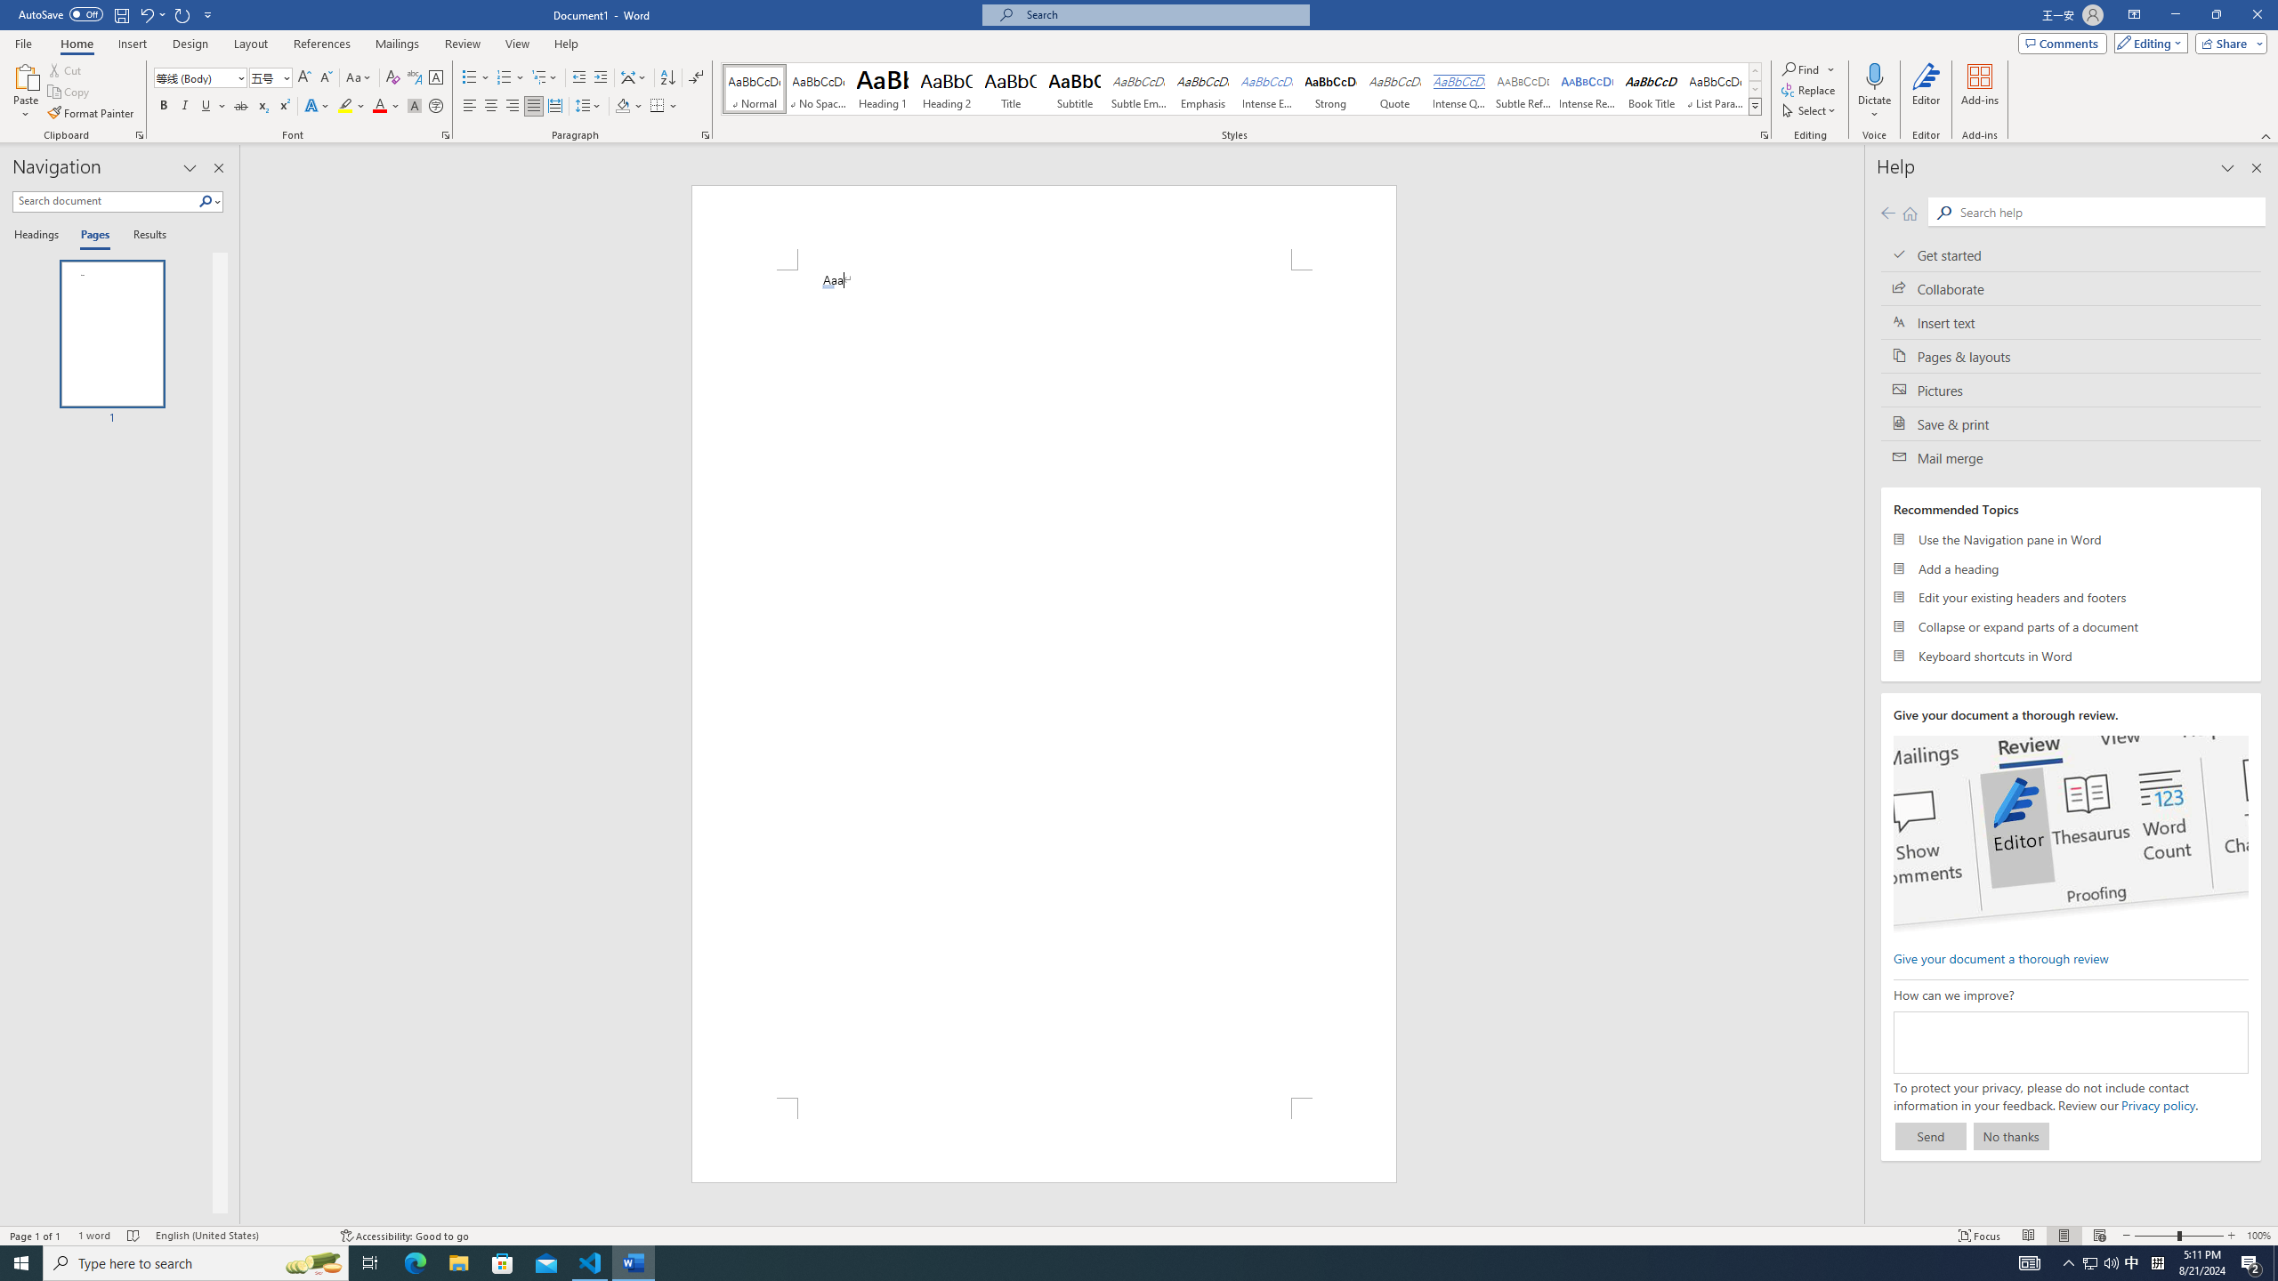  I want to click on 'Pages & layouts', so click(2071, 357).